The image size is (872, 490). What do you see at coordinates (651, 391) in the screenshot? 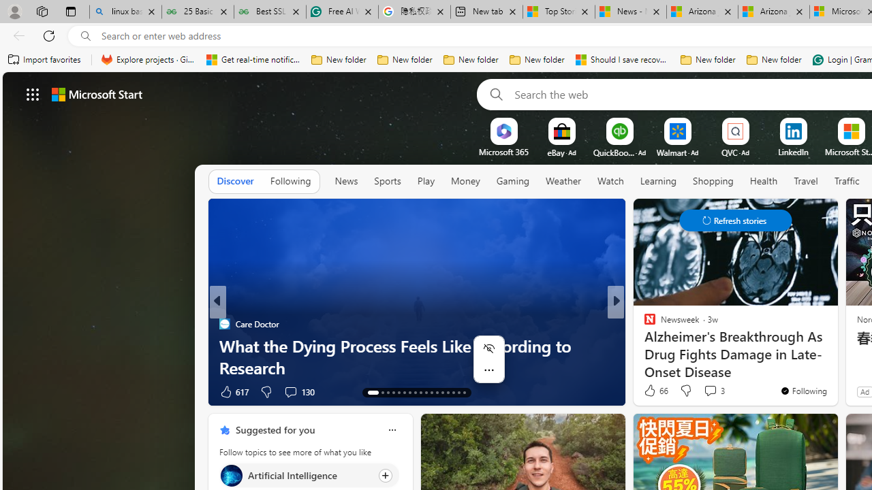
I see `'80 Like'` at bounding box center [651, 391].